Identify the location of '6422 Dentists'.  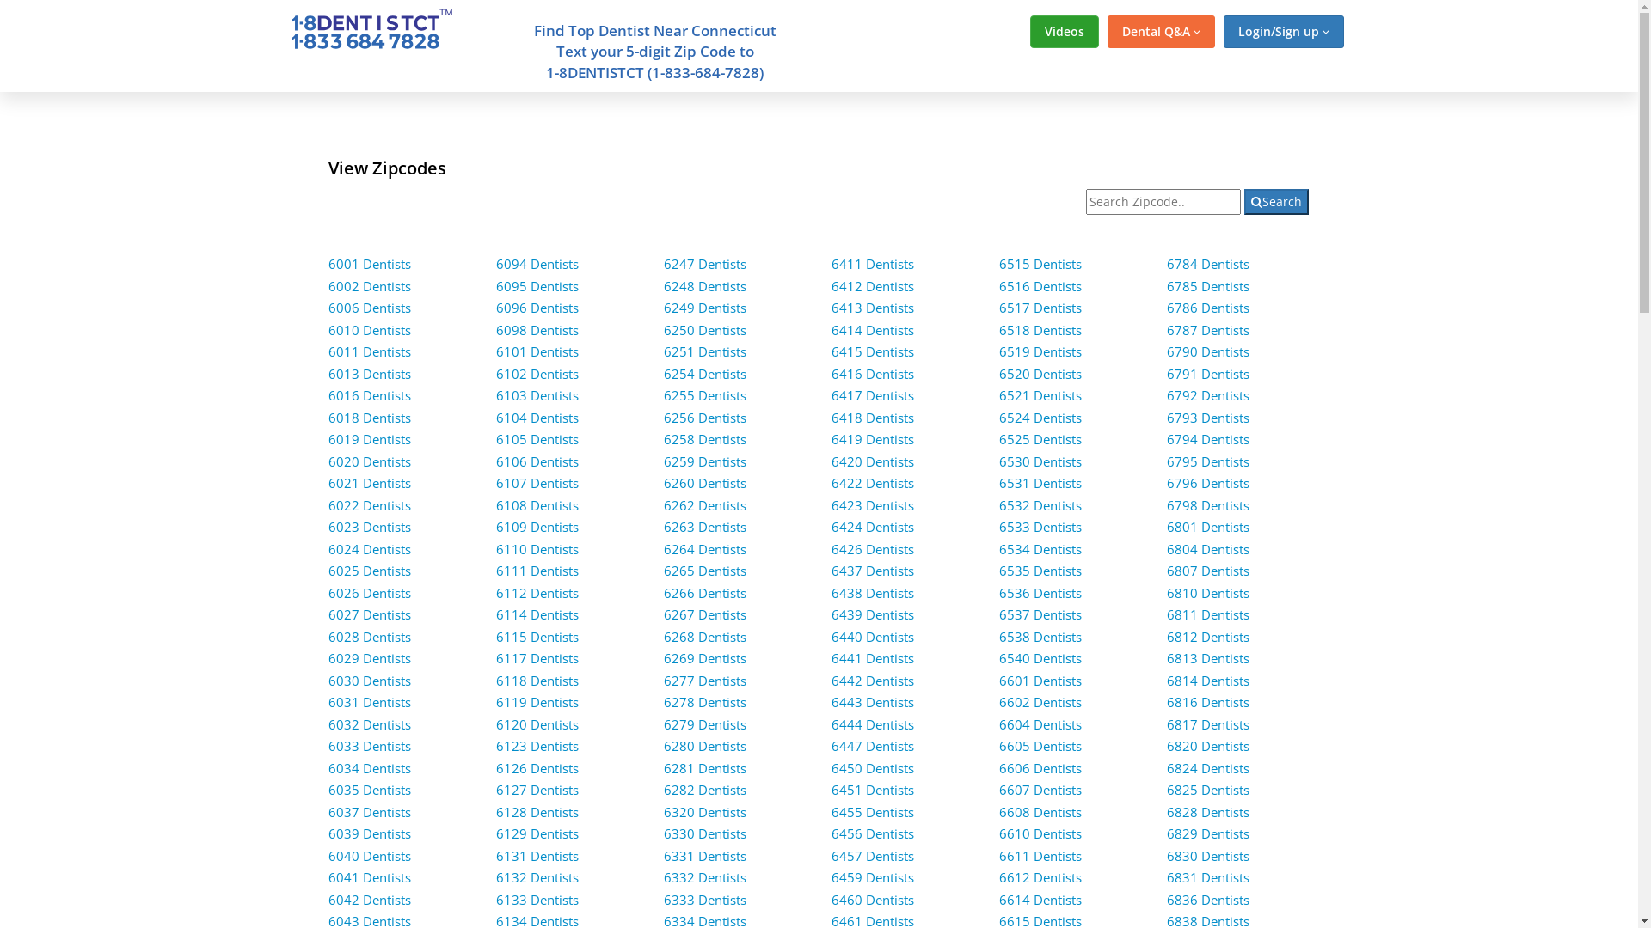
(872, 483).